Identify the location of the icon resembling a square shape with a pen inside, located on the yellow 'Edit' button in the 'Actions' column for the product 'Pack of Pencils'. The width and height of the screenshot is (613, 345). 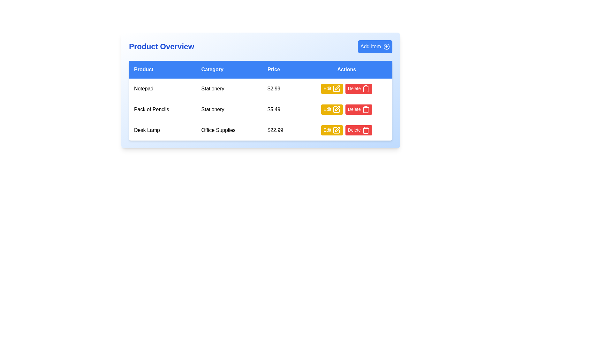
(336, 109).